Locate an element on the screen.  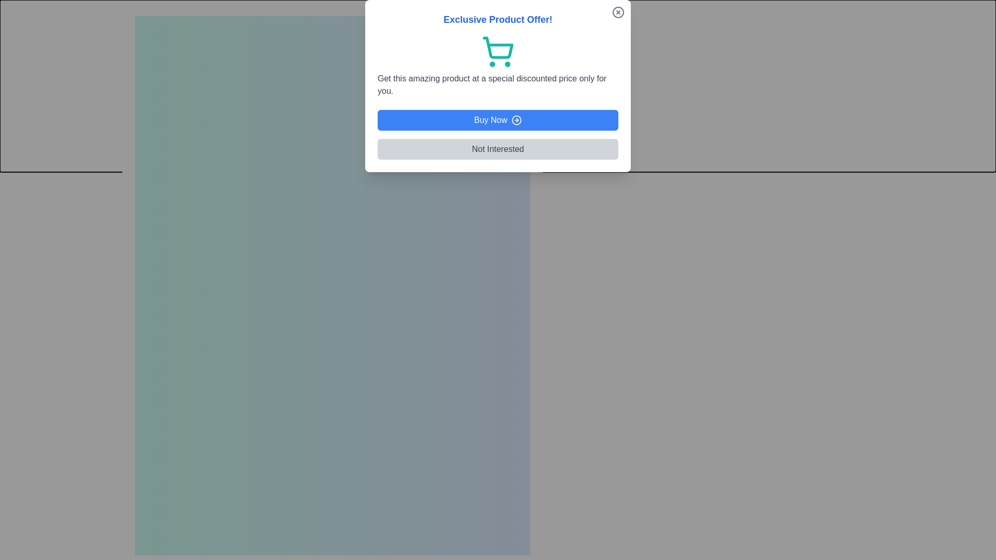
the close button in the top-right corner of the dialog is located at coordinates (542, 4).